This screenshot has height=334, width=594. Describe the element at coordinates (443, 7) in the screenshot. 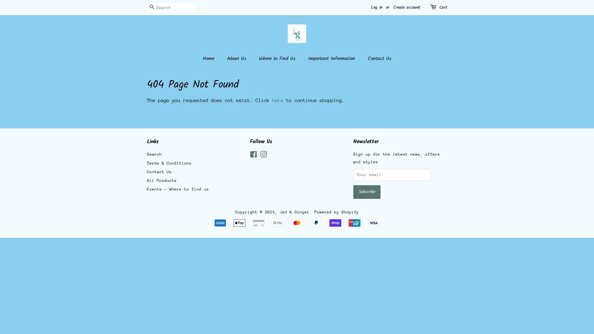

I see `'Cart'` at that location.